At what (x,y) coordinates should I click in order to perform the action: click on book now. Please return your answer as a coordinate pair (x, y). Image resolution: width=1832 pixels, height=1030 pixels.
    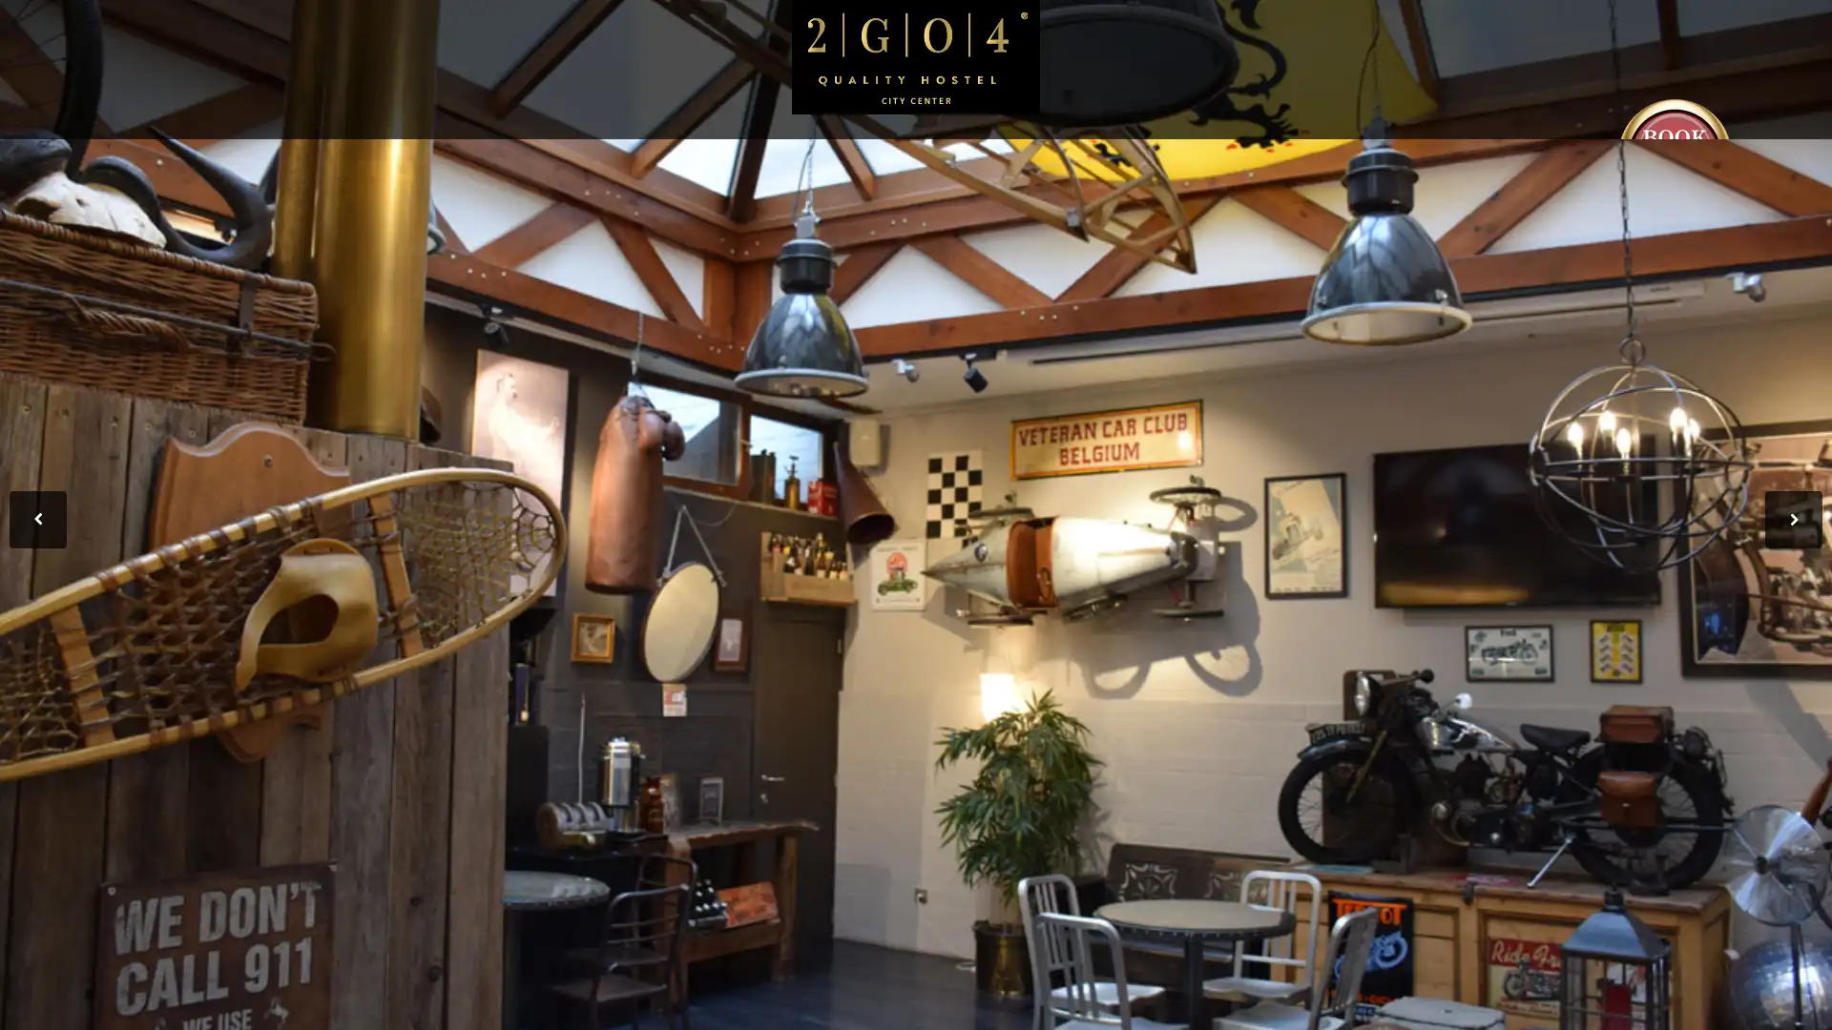
    Looking at the image, I should click on (1674, 154).